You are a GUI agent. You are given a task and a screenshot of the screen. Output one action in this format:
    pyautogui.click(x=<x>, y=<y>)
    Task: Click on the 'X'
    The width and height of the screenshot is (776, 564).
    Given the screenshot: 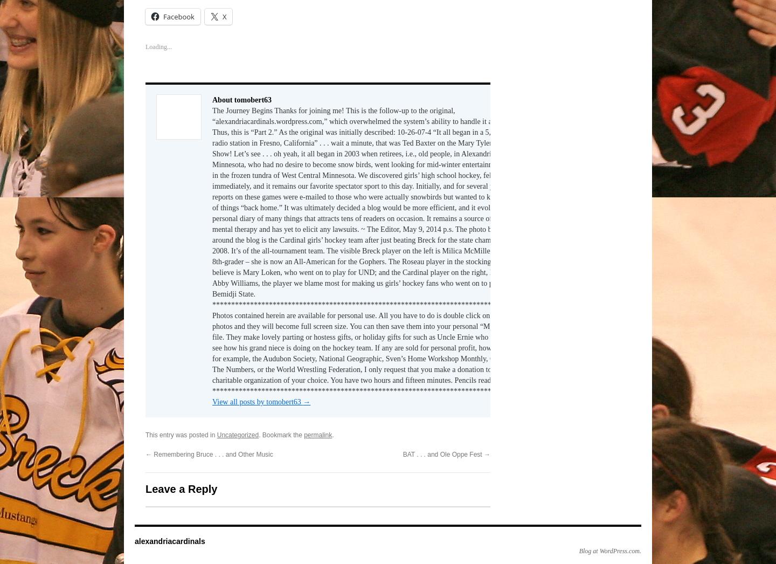 What is the action you would take?
    pyautogui.click(x=224, y=16)
    